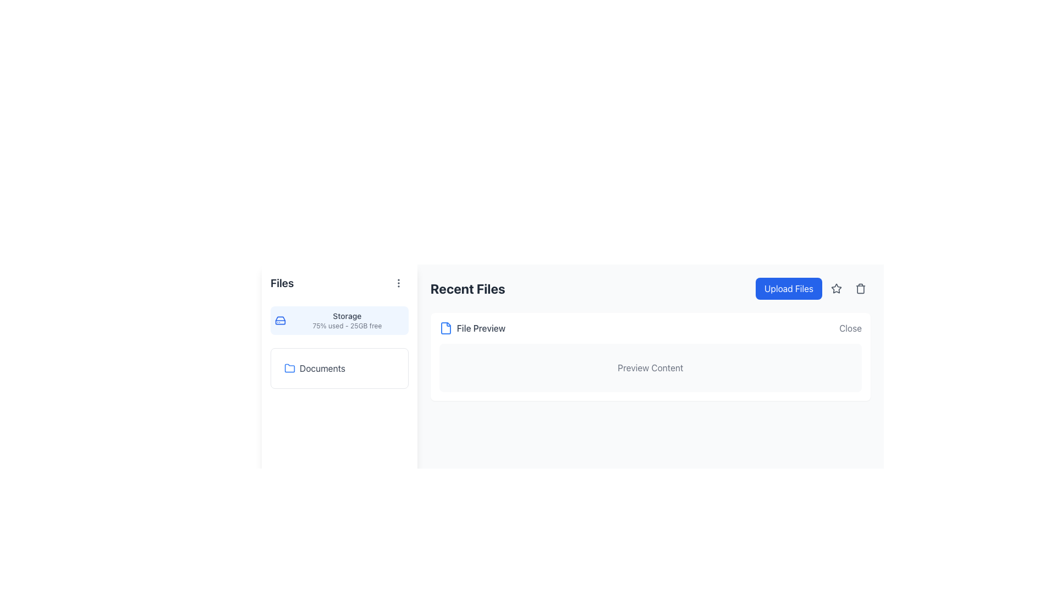  I want to click on the decorative trash can icon button located in the header section of the 'Recent Files' panel, so click(860, 288).